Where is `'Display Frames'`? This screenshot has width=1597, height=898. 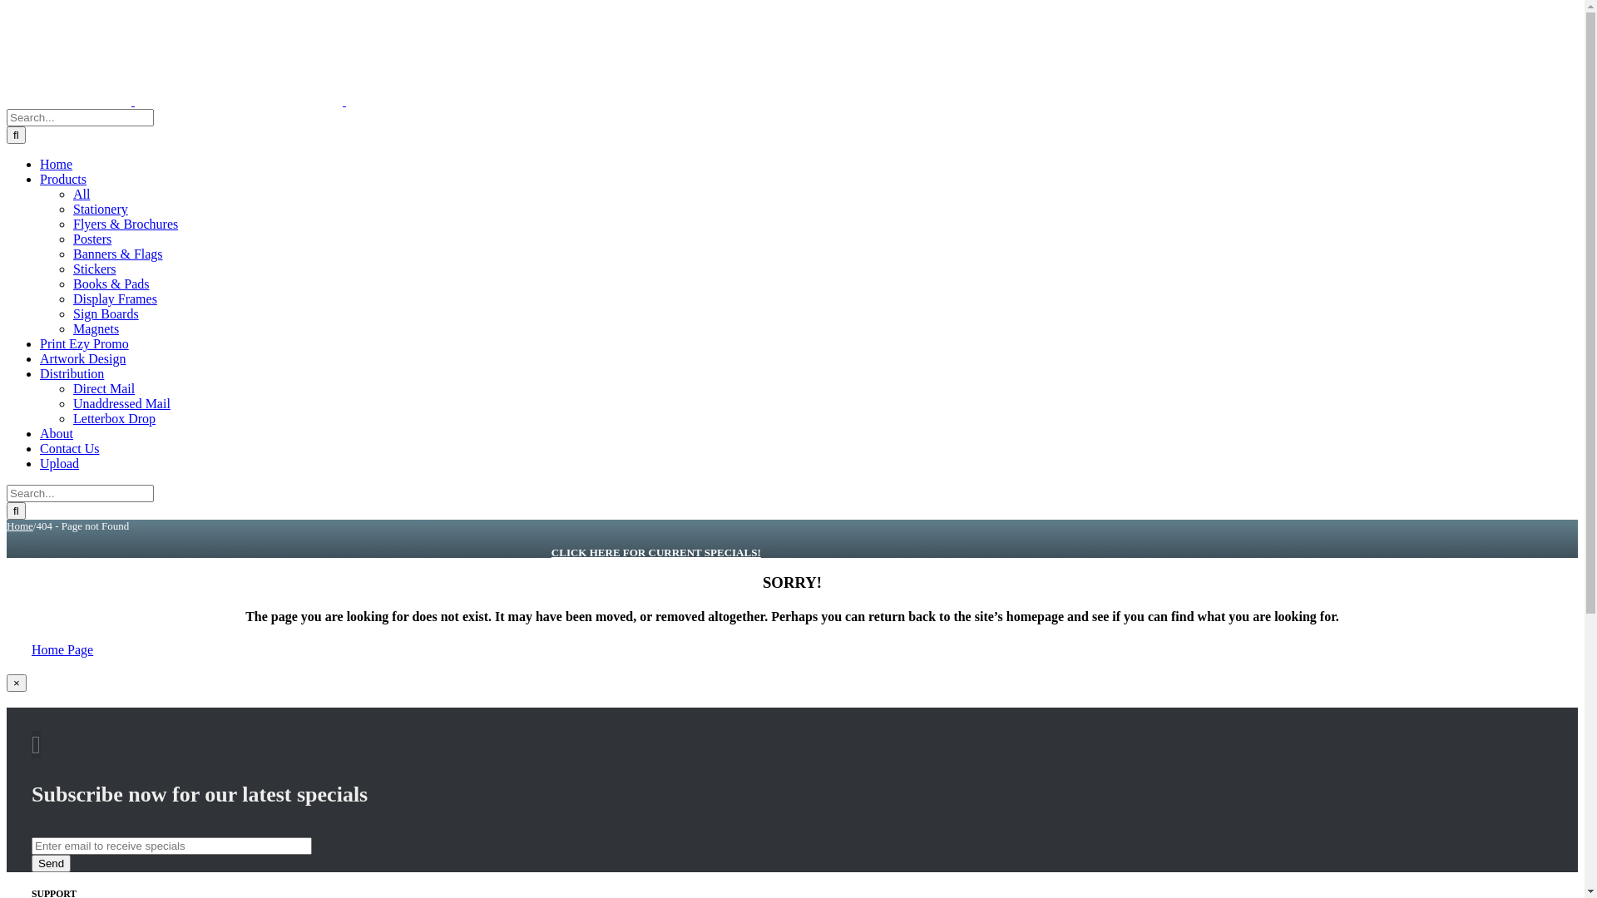
'Display Frames' is located at coordinates (114, 298).